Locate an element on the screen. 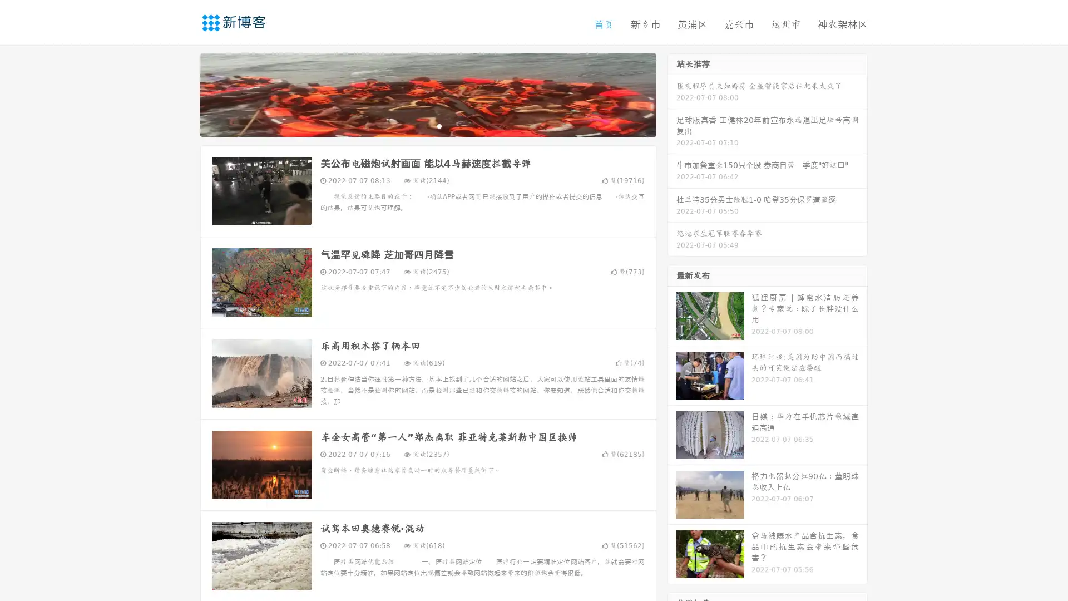 Image resolution: width=1068 pixels, height=601 pixels. Previous slide is located at coordinates (184, 93).